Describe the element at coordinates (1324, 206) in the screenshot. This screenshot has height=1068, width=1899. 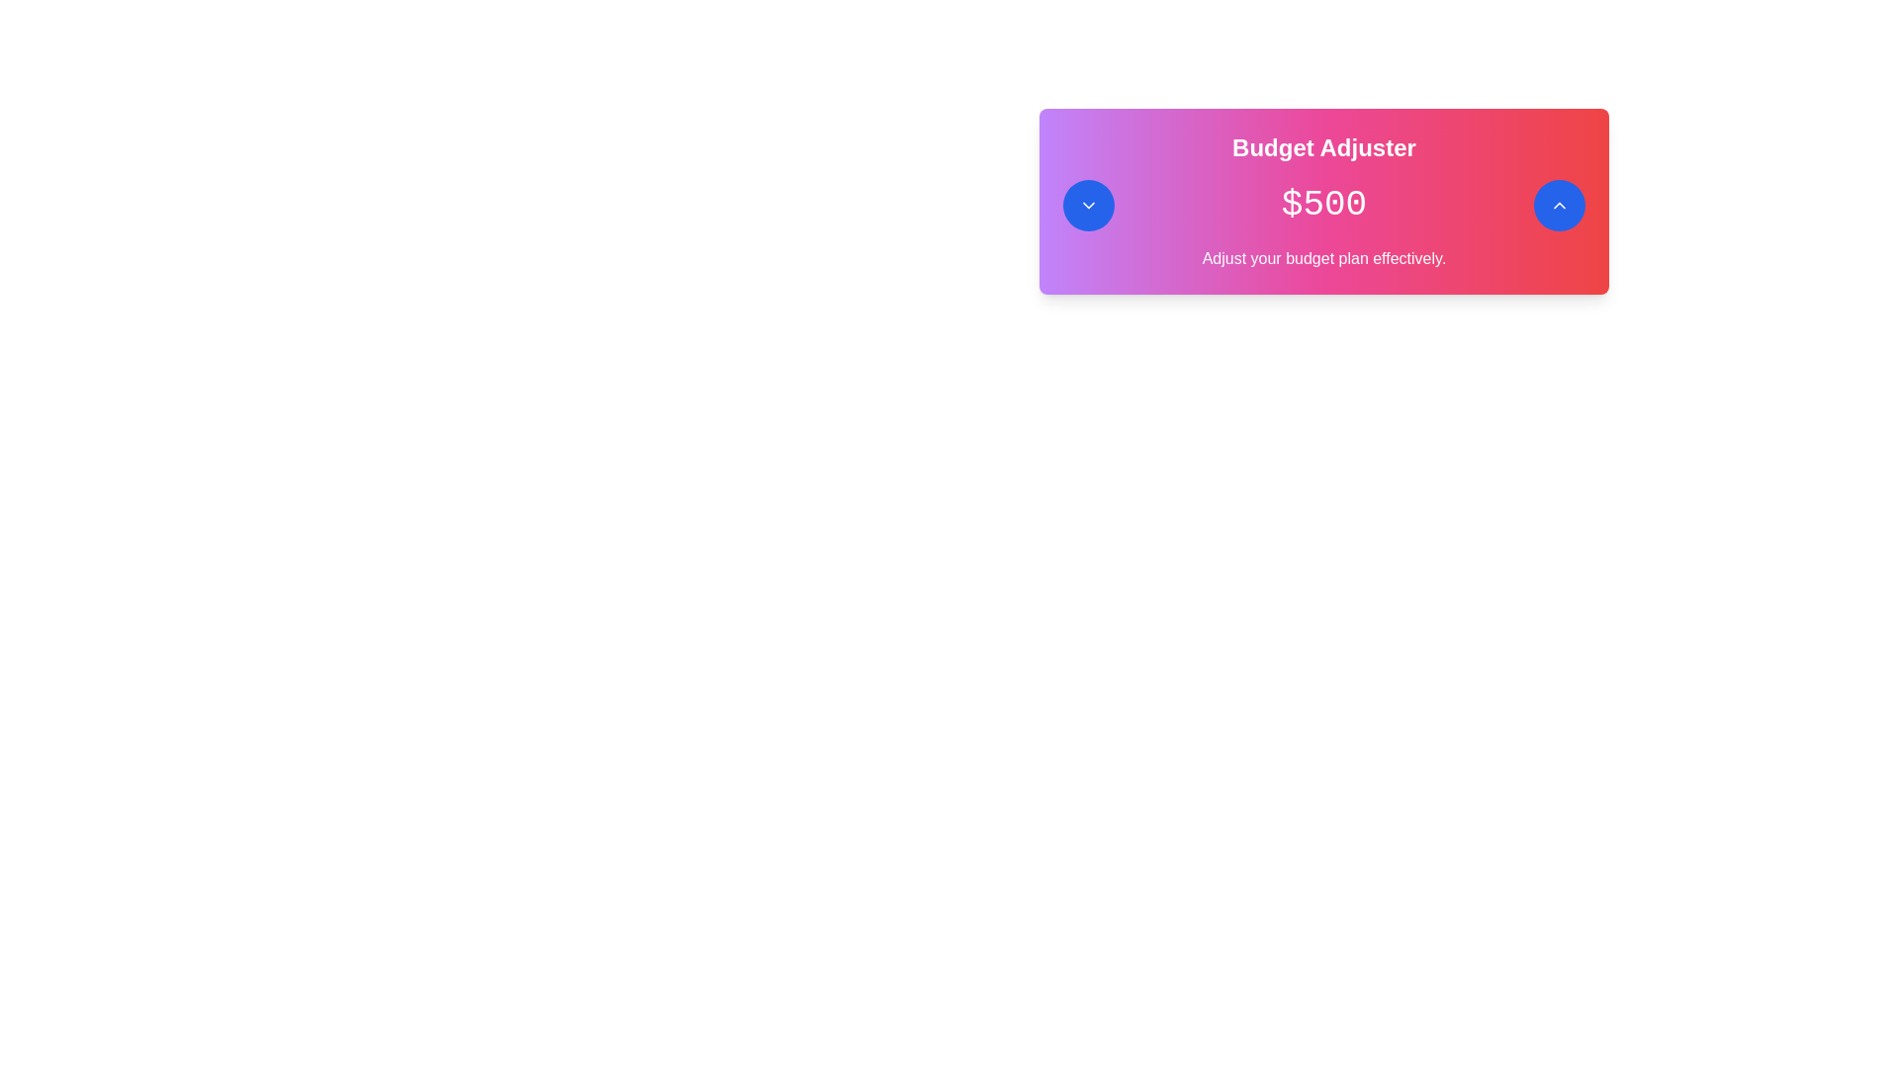
I see `the Text label displaying the current budget amount in the budget adjustment interface, which is centrally located between two blue circular buttons` at that location.